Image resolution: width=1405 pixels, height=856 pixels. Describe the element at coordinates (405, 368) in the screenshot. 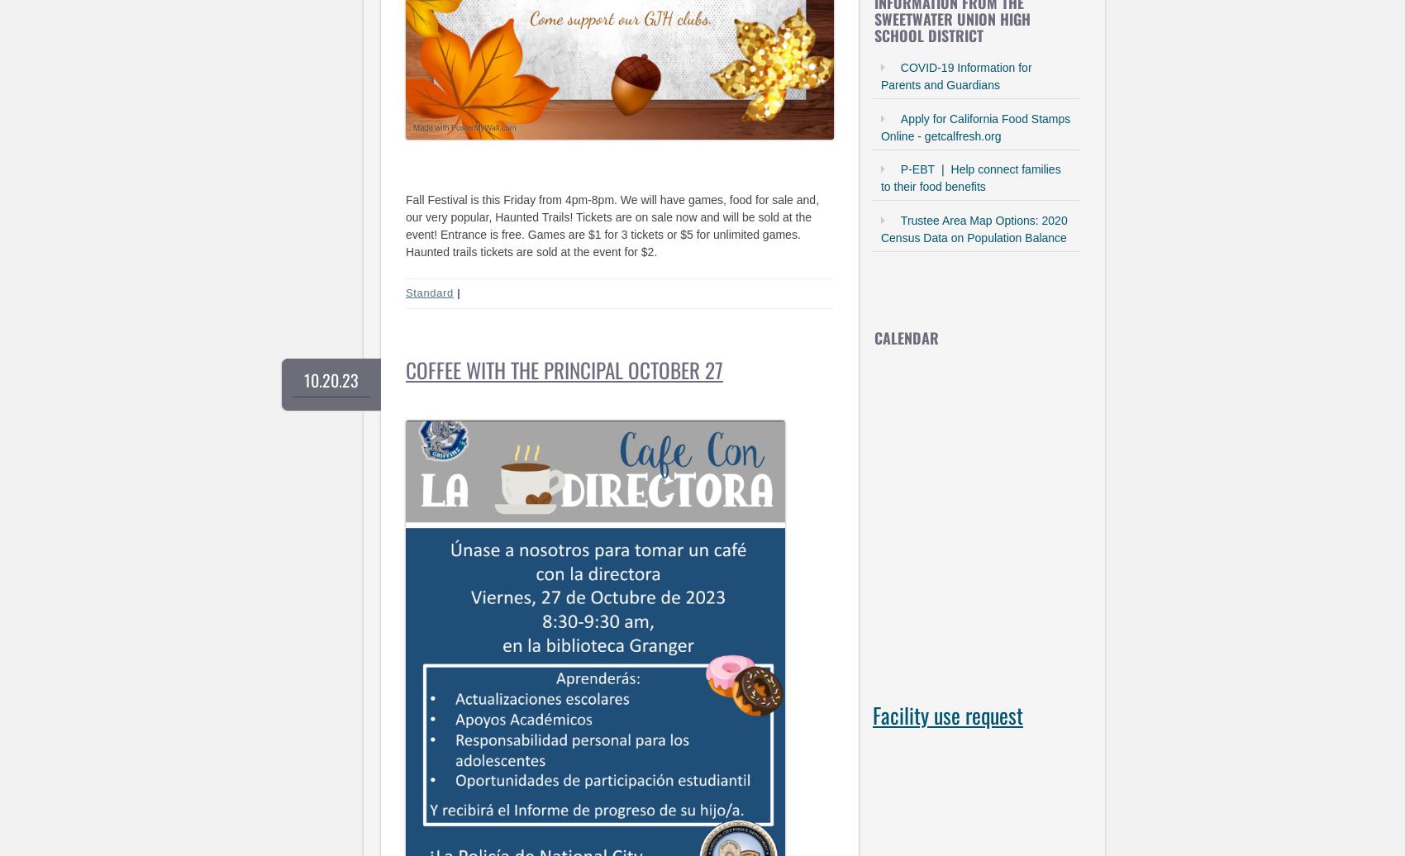

I see `'Coffee With the Principal October 27'` at that location.